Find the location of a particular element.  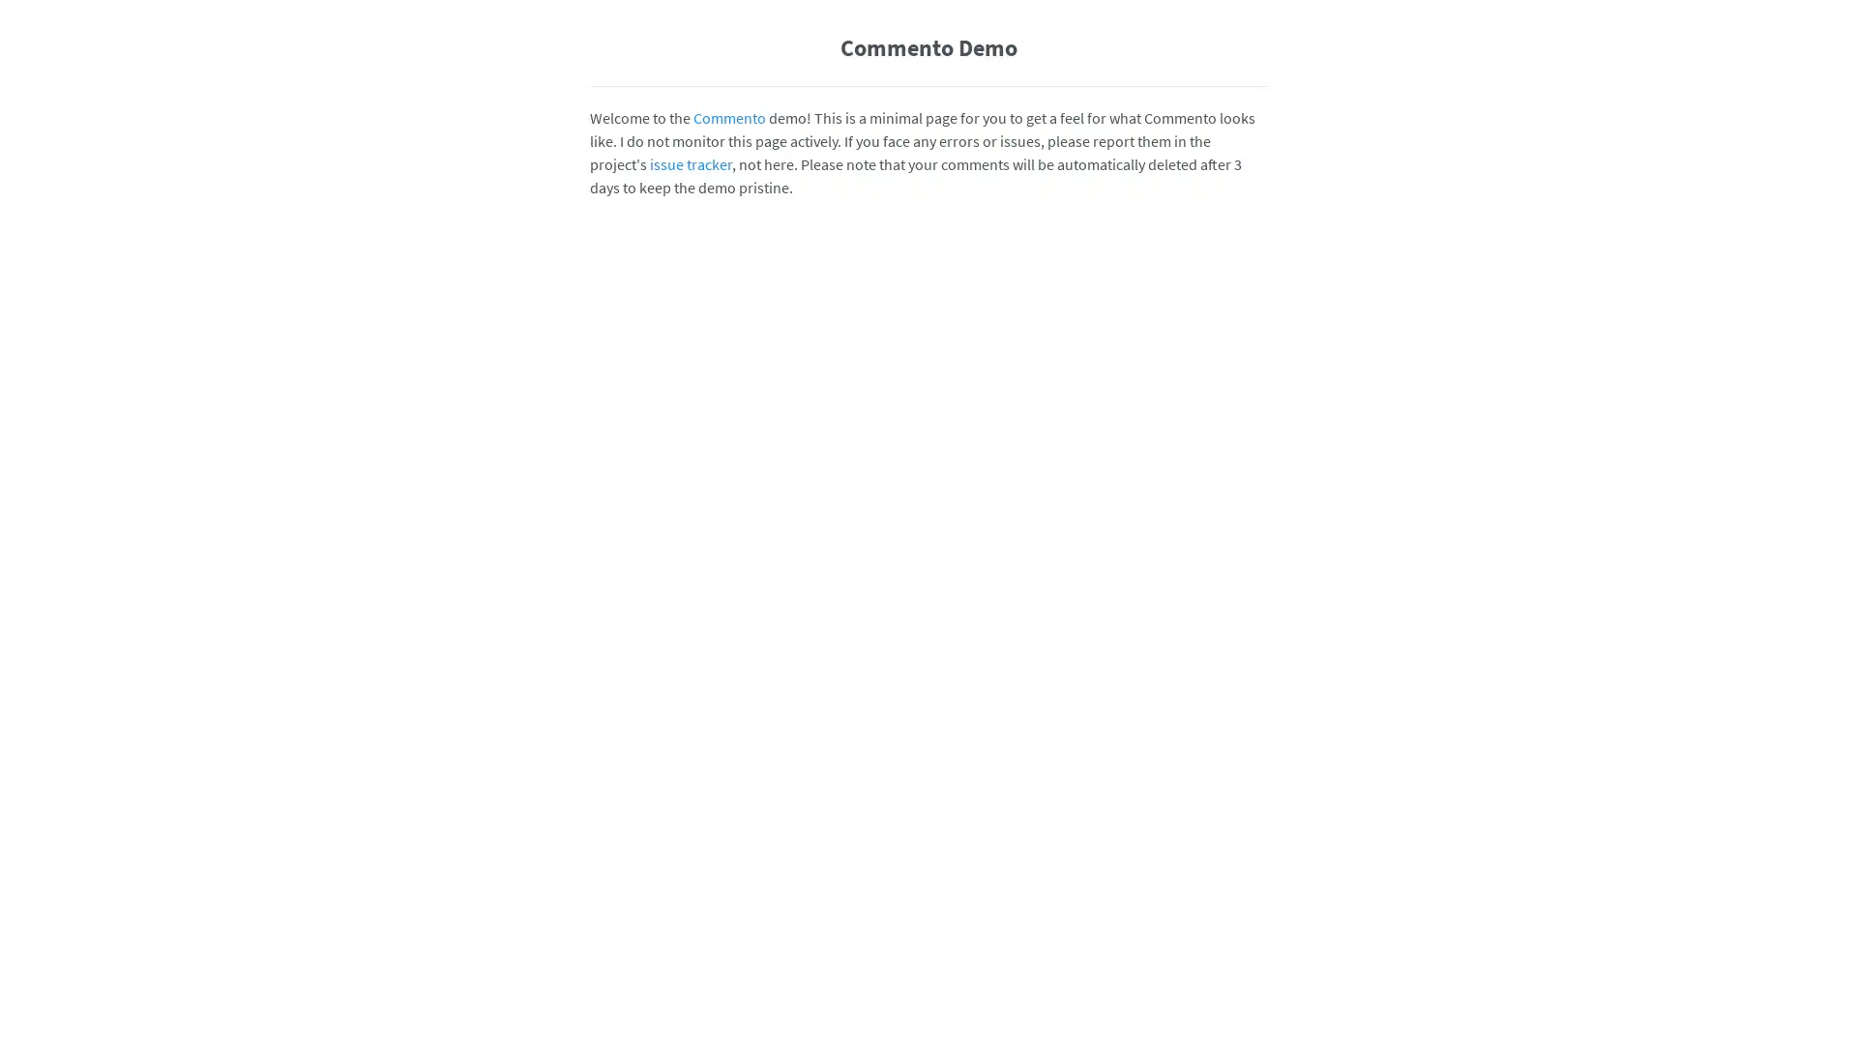

Collapse children is located at coordinates (1253, 991).